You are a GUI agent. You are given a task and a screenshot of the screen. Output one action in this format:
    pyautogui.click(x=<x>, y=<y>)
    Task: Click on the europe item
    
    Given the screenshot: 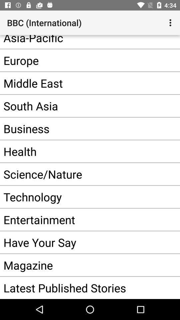 What is the action you would take?
    pyautogui.click(x=80, y=60)
    